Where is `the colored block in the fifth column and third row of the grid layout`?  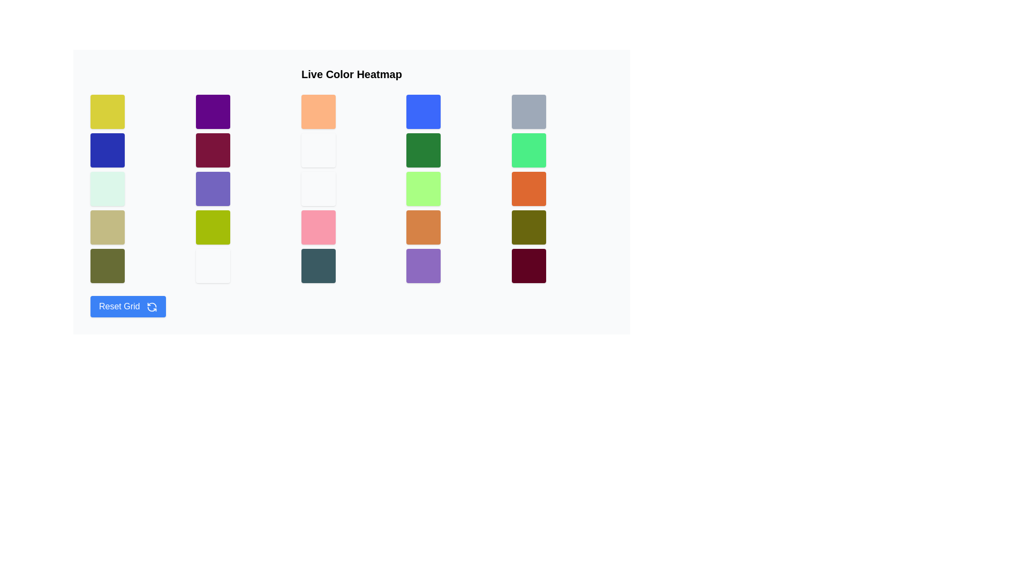 the colored block in the fifth column and third row of the grid layout is located at coordinates (529, 188).